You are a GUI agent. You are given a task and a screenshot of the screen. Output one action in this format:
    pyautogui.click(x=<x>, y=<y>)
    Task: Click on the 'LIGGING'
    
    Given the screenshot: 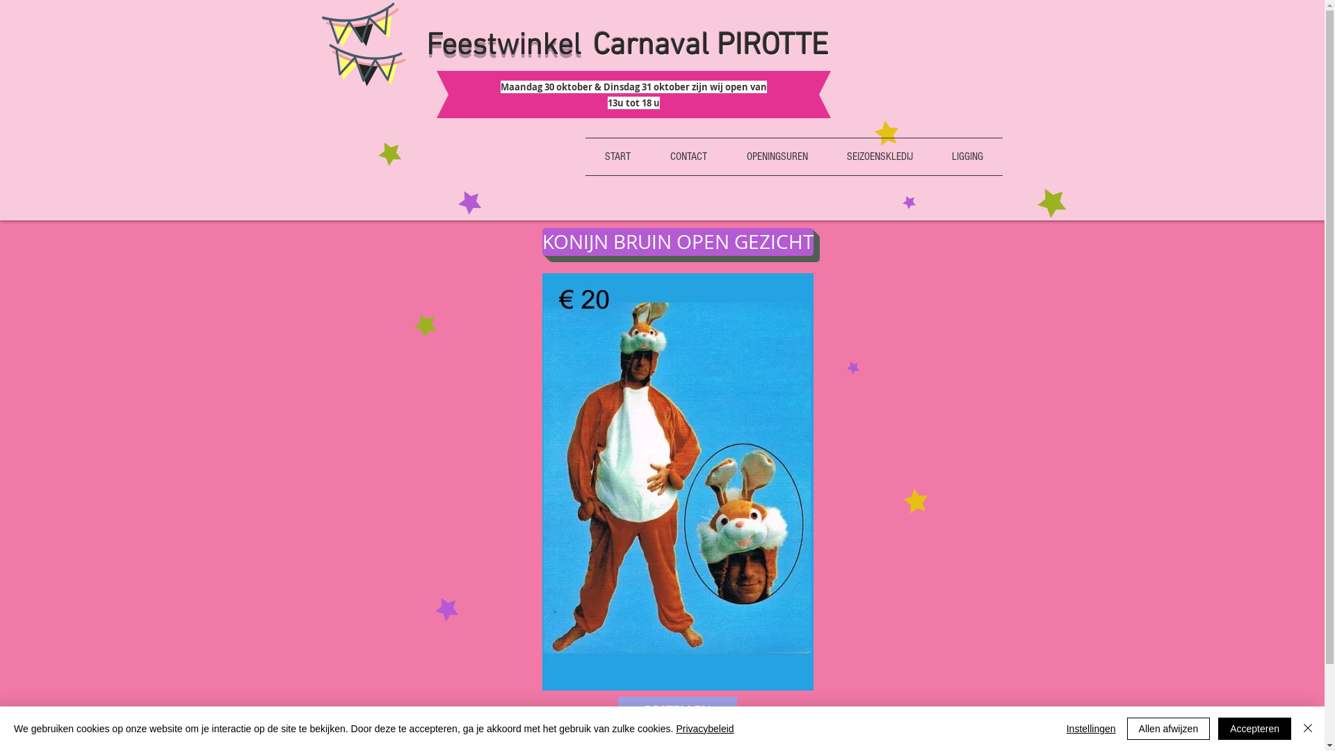 What is the action you would take?
    pyautogui.click(x=966, y=156)
    